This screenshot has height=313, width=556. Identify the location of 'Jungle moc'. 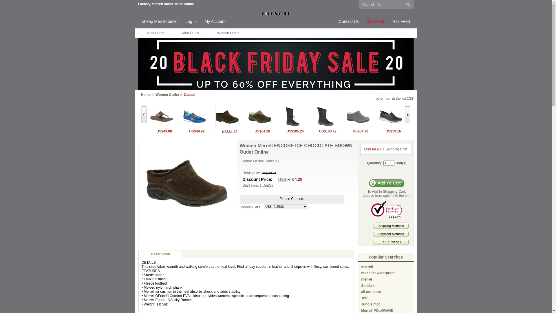
(371, 304).